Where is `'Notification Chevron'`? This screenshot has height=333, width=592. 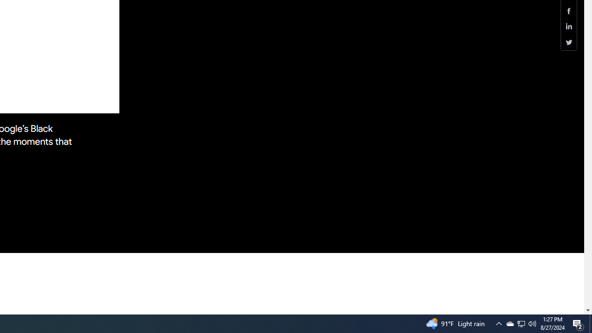
'Notification Chevron' is located at coordinates (499, 323).